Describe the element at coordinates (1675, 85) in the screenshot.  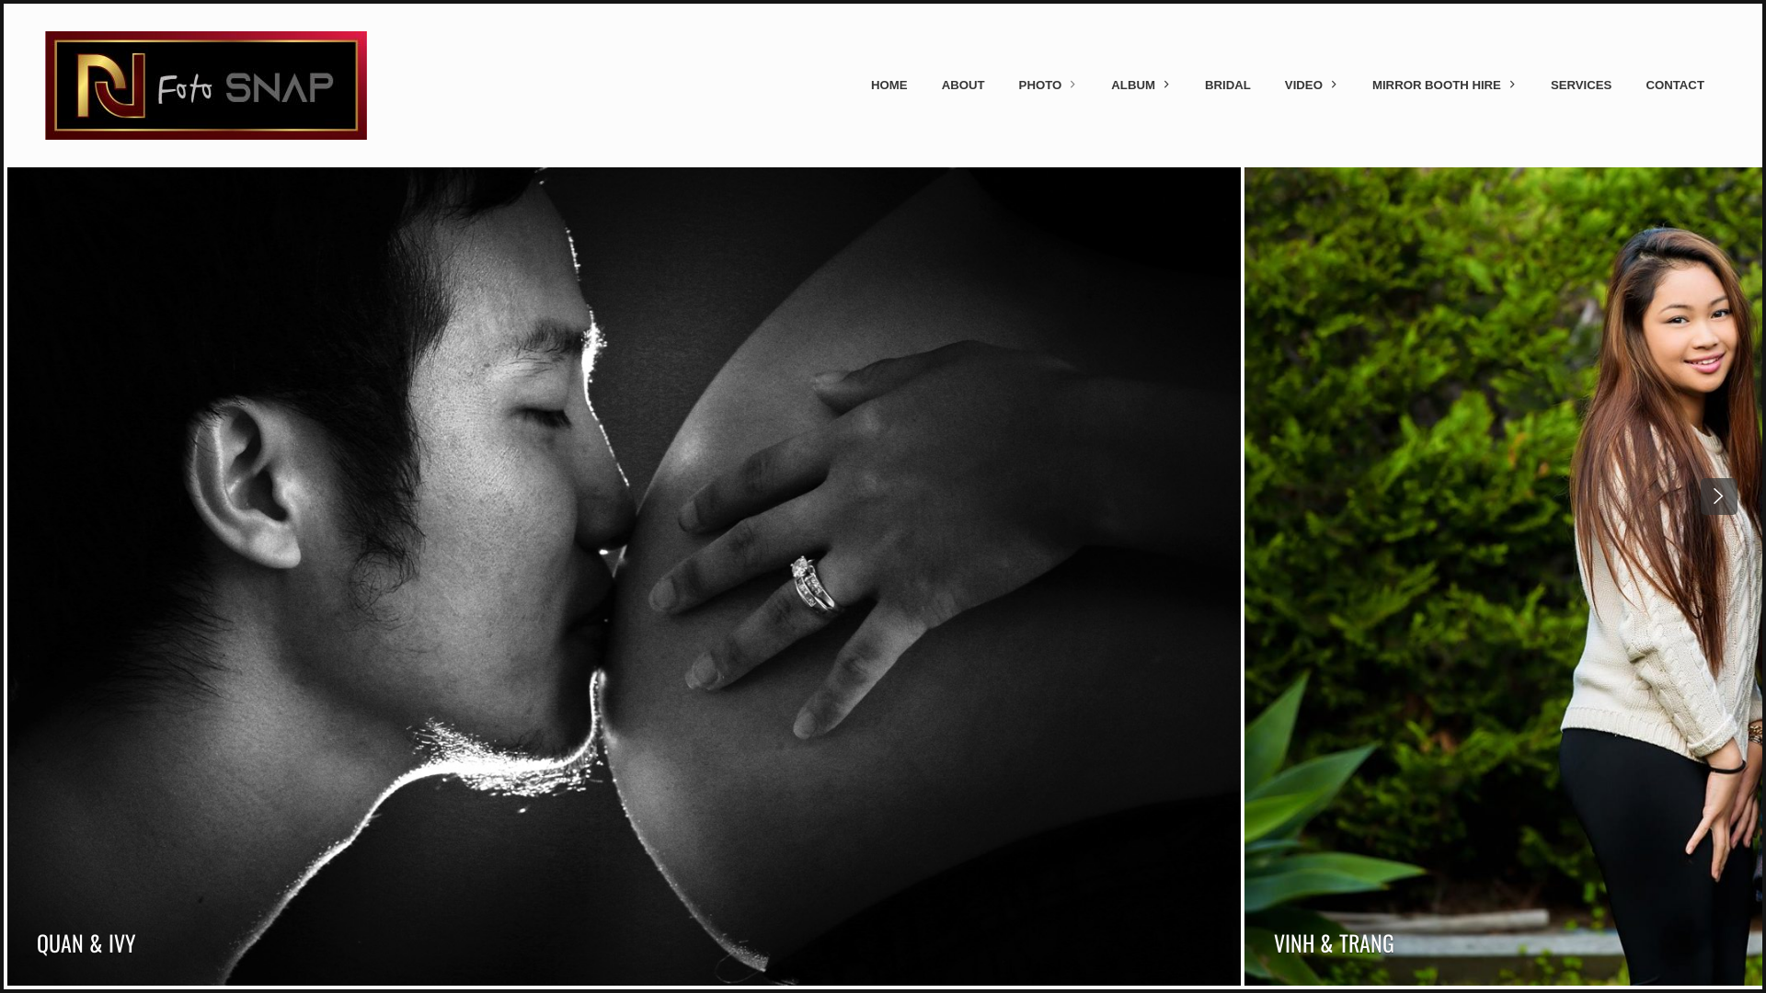
I see `'CONTACT'` at that location.